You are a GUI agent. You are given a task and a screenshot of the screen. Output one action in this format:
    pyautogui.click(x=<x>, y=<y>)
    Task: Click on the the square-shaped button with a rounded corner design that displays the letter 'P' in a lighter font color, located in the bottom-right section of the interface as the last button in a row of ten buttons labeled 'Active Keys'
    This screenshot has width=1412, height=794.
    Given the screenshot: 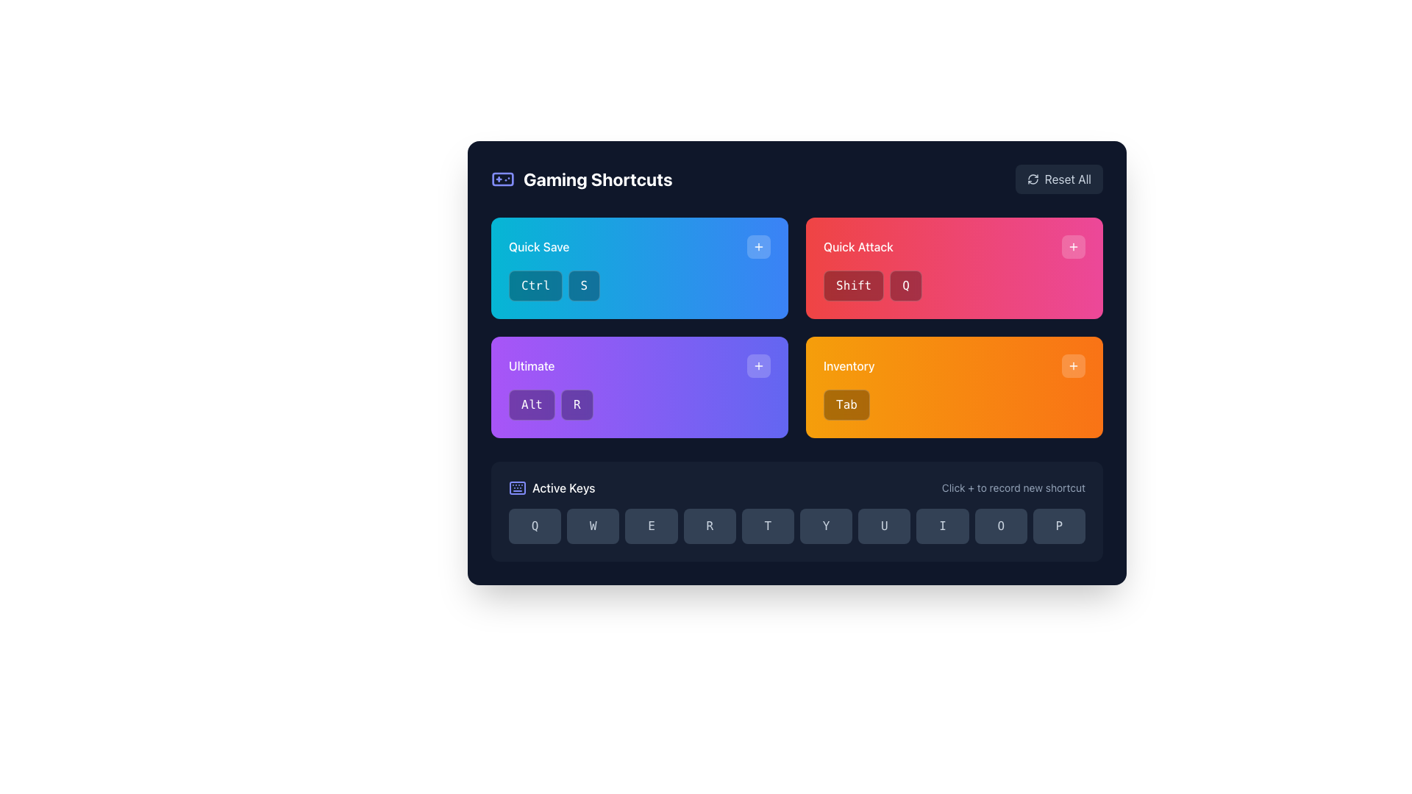 What is the action you would take?
    pyautogui.click(x=1059, y=526)
    